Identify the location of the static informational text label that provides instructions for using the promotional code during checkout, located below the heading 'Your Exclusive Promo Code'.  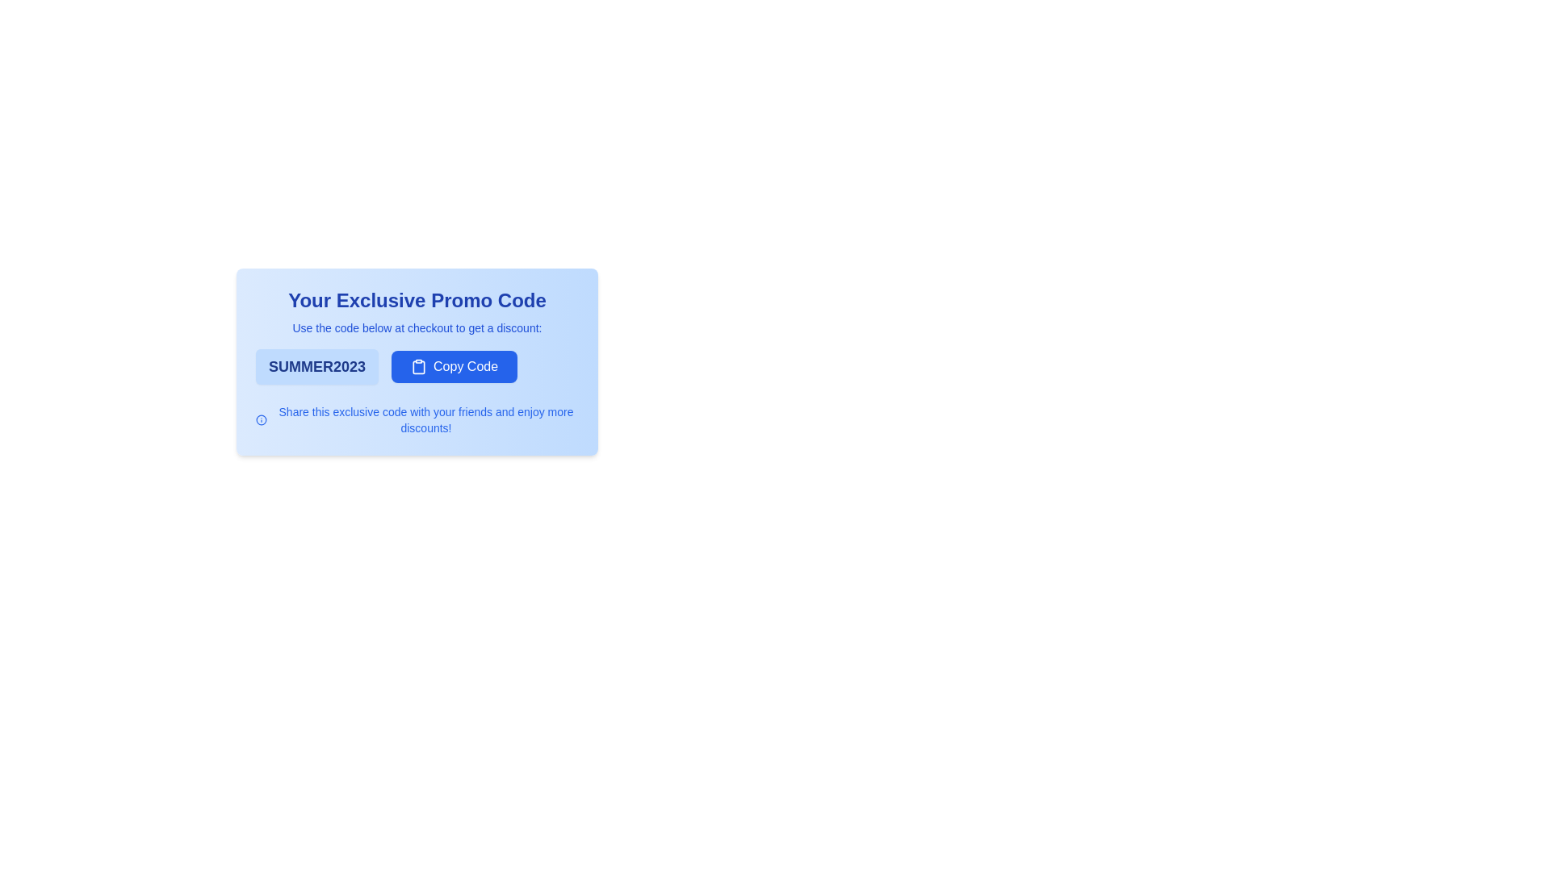
(417, 327).